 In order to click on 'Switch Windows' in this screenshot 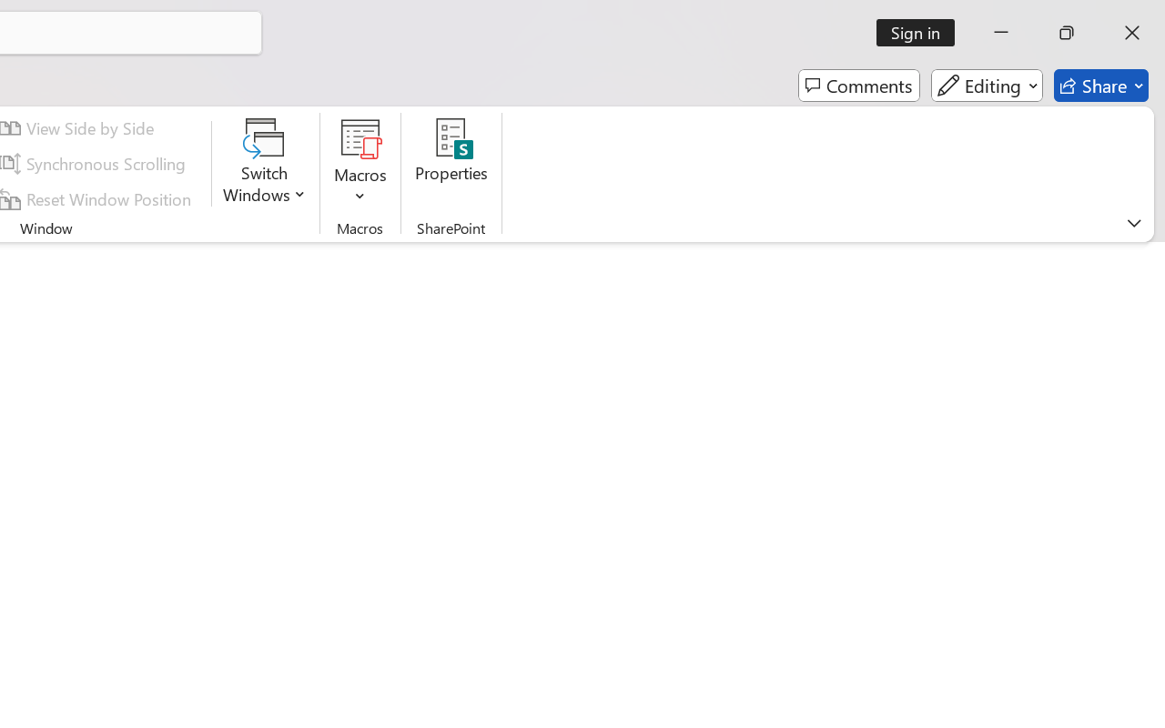, I will do `click(264, 163)`.